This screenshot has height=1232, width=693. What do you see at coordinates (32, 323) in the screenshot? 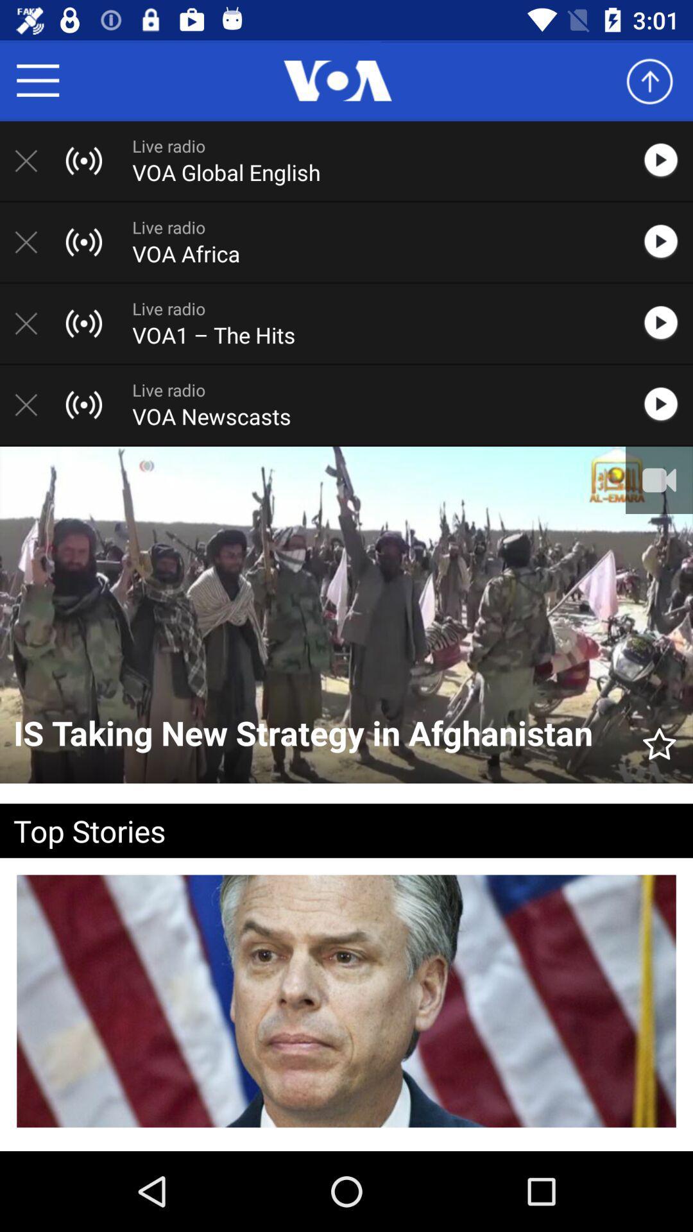
I see `delete voa1 as a station` at bounding box center [32, 323].